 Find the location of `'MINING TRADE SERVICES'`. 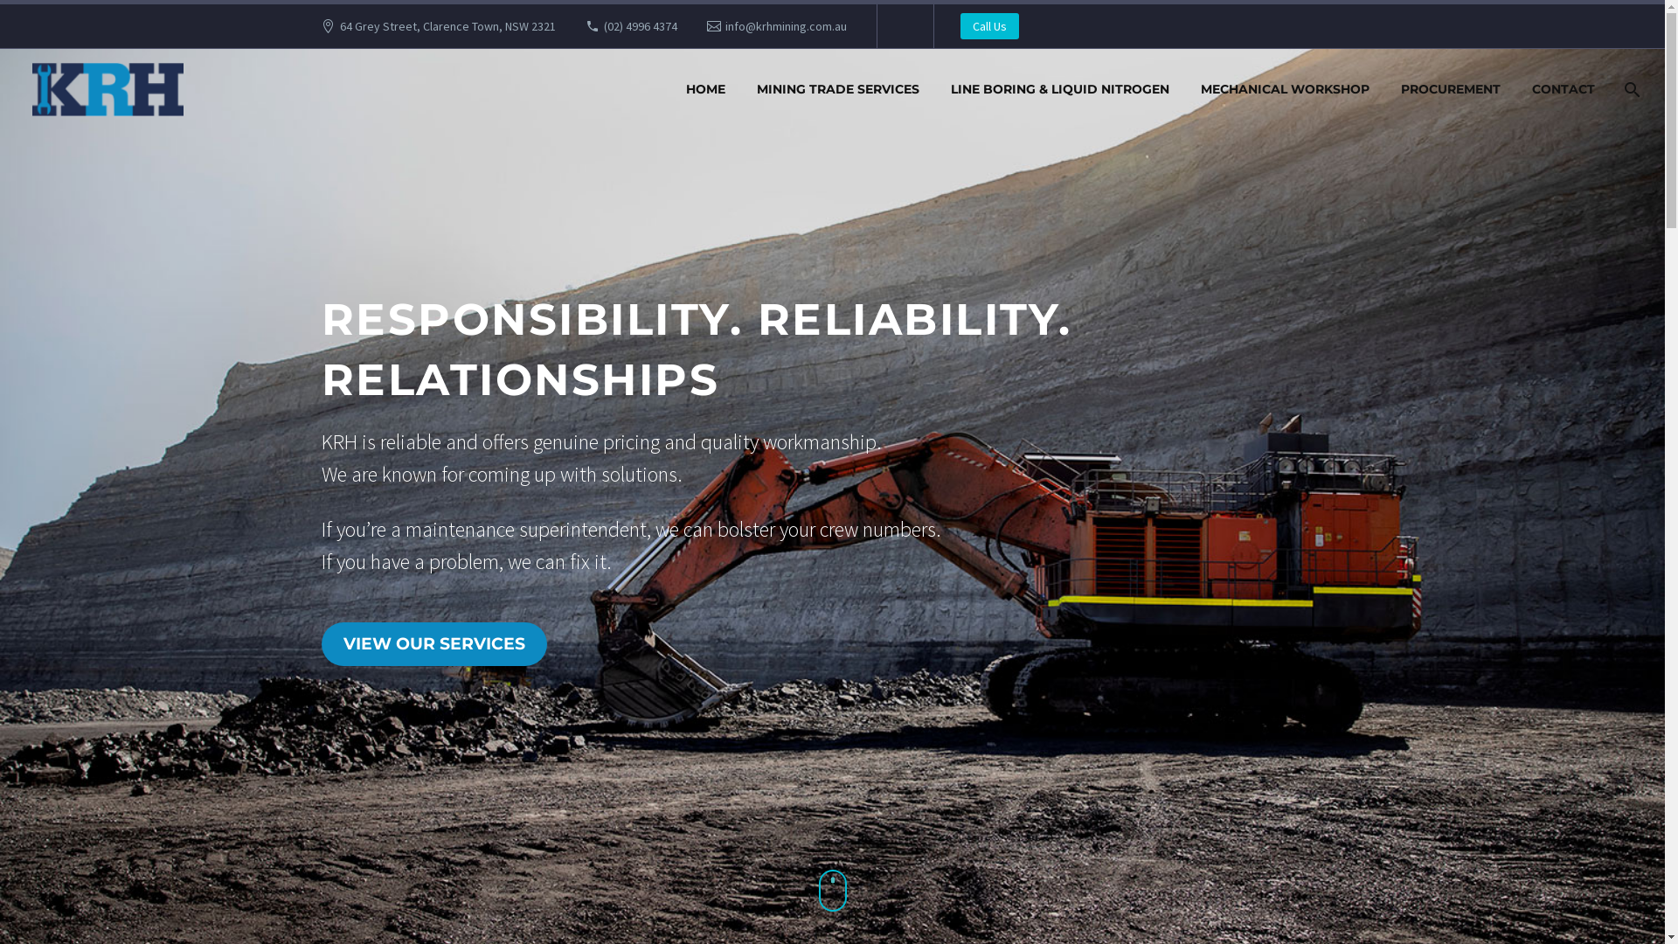

'MINING TRADE SERVICES' is located at coordinates (837, 89).